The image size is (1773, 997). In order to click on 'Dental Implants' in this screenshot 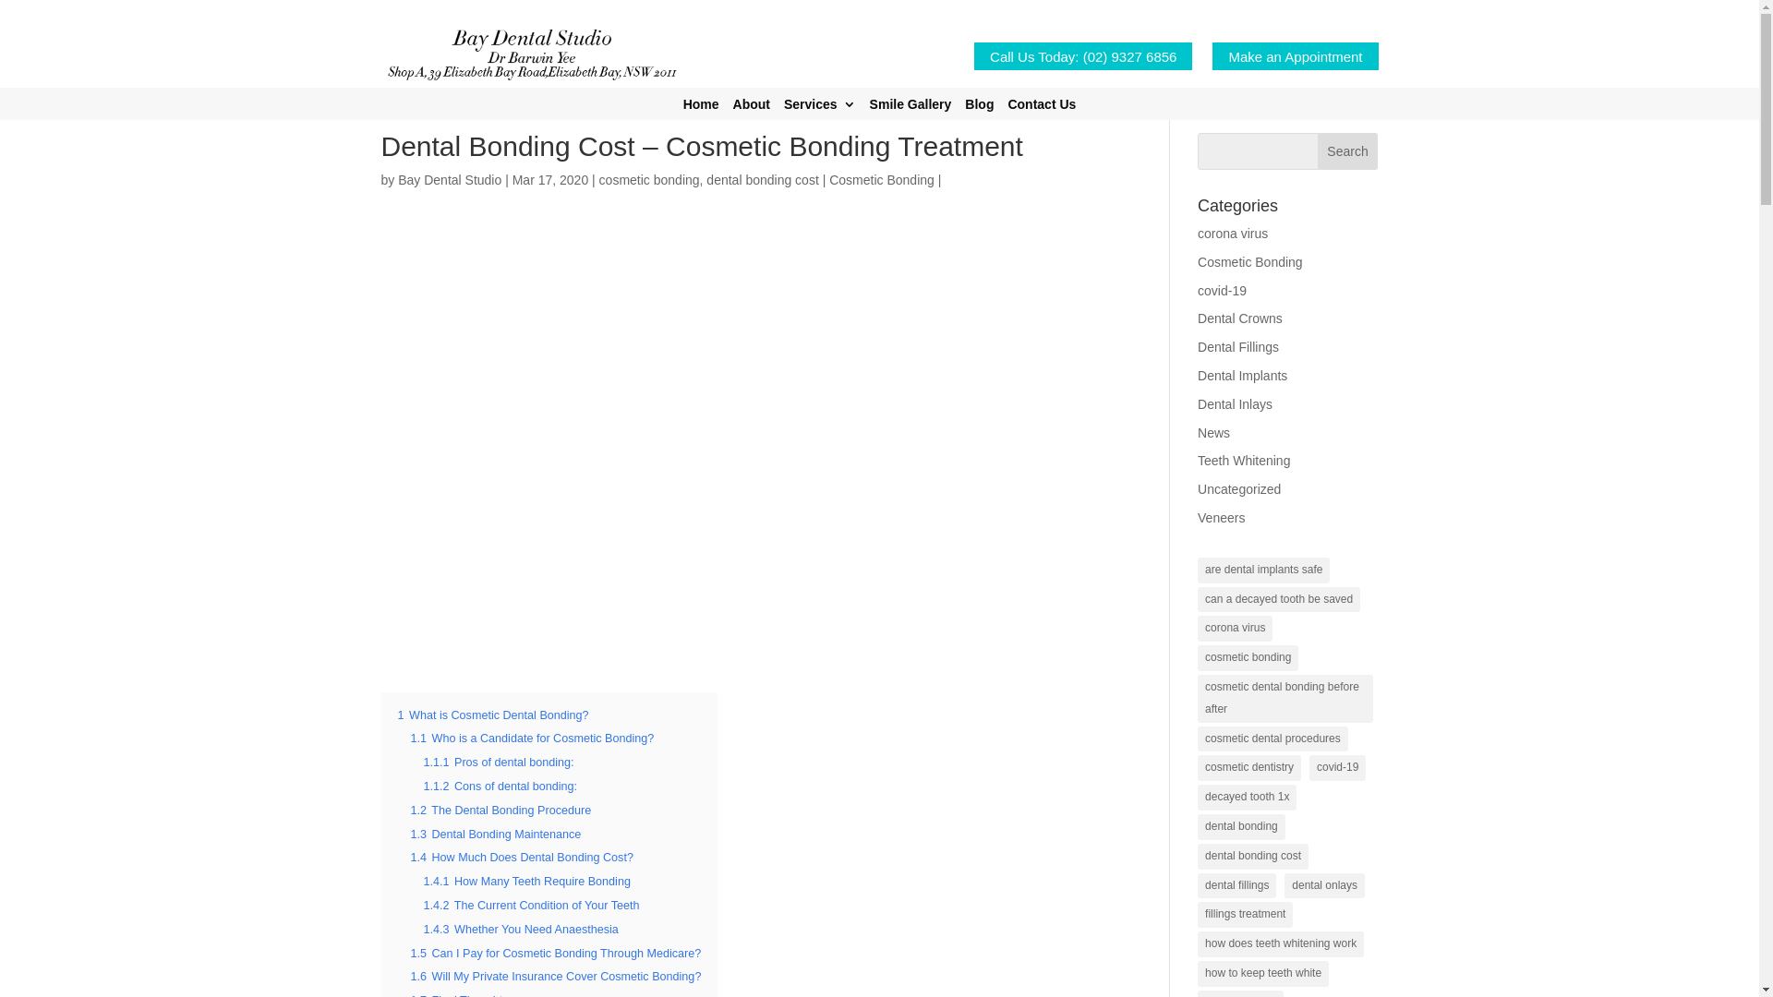, I will do `click(1242, 375)`.